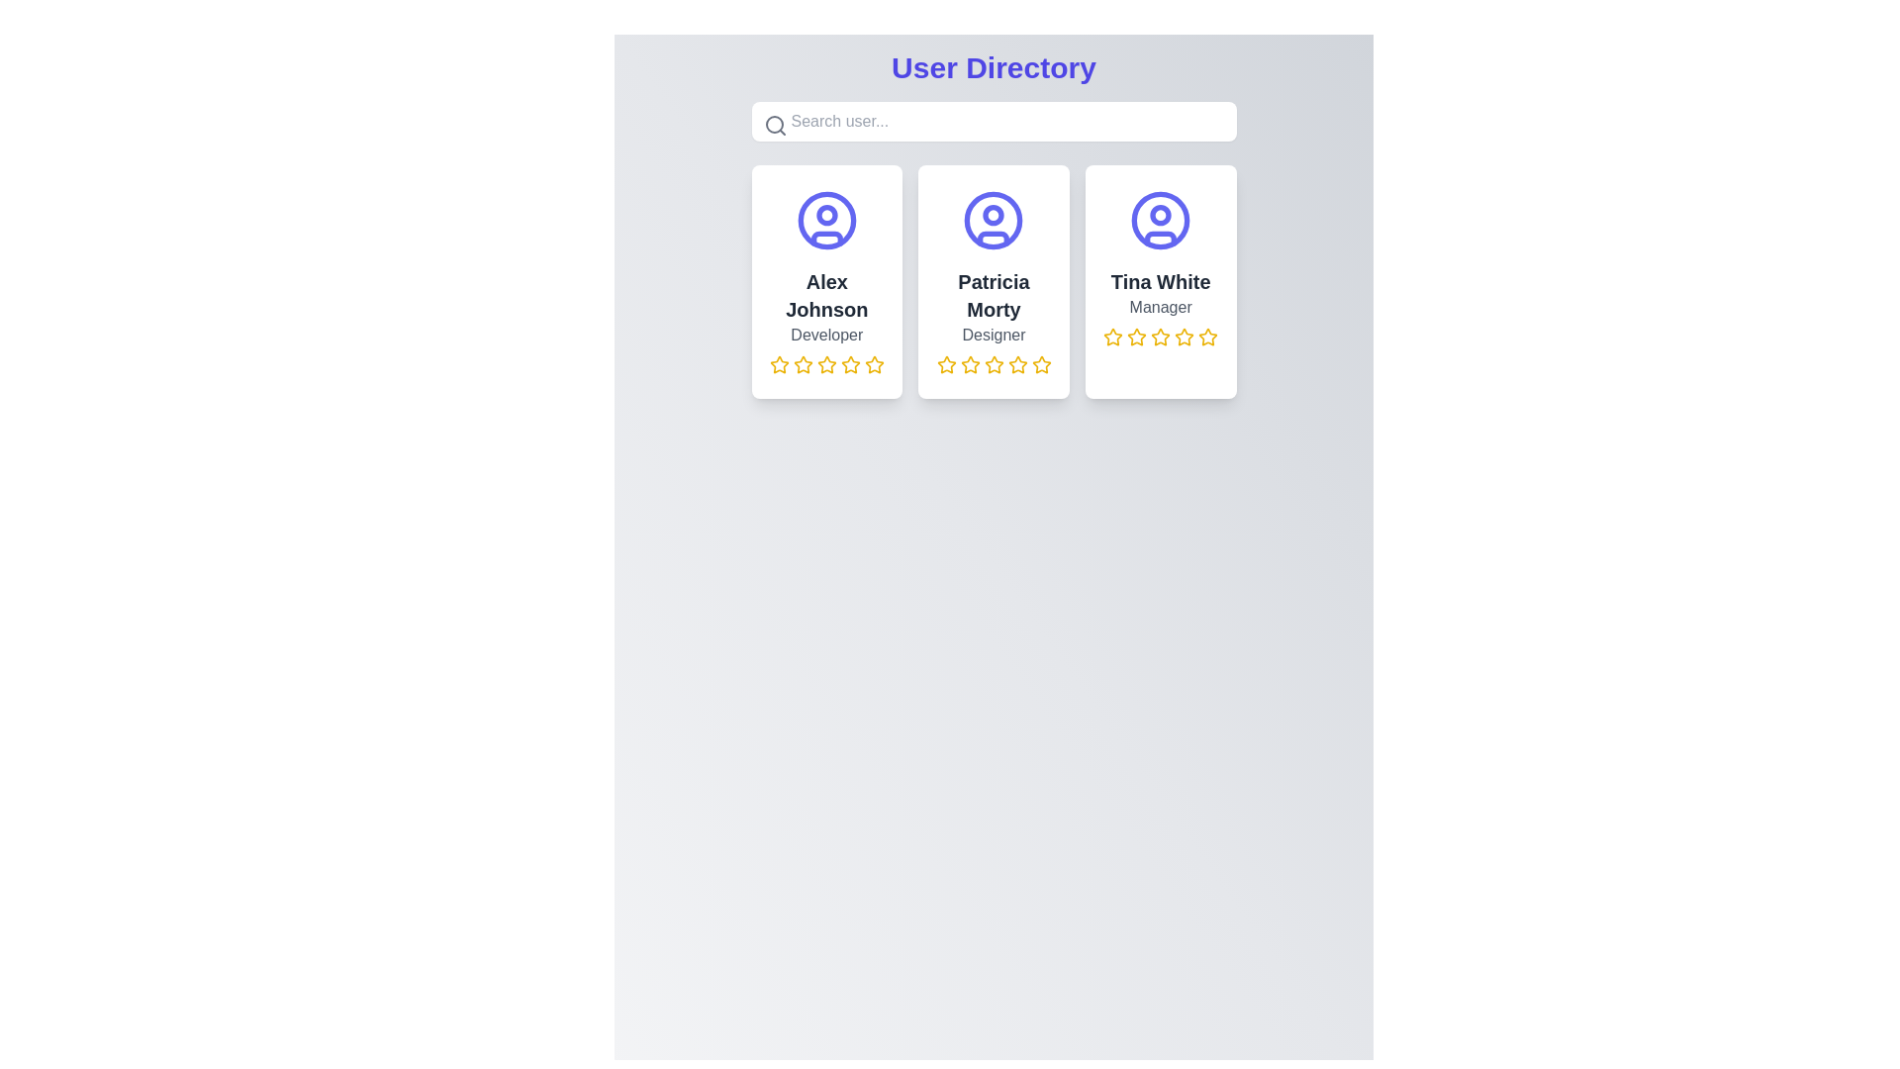 Image resolution: width=1900 pixels, height=1069 pixels. What do you see at coordinates (826, 215) in the screenshot?
I see `the small circular SVG element within the user profile icon of Alex Johnson on the leftmost card in the user directory interface` at bounding box center [826, 215].